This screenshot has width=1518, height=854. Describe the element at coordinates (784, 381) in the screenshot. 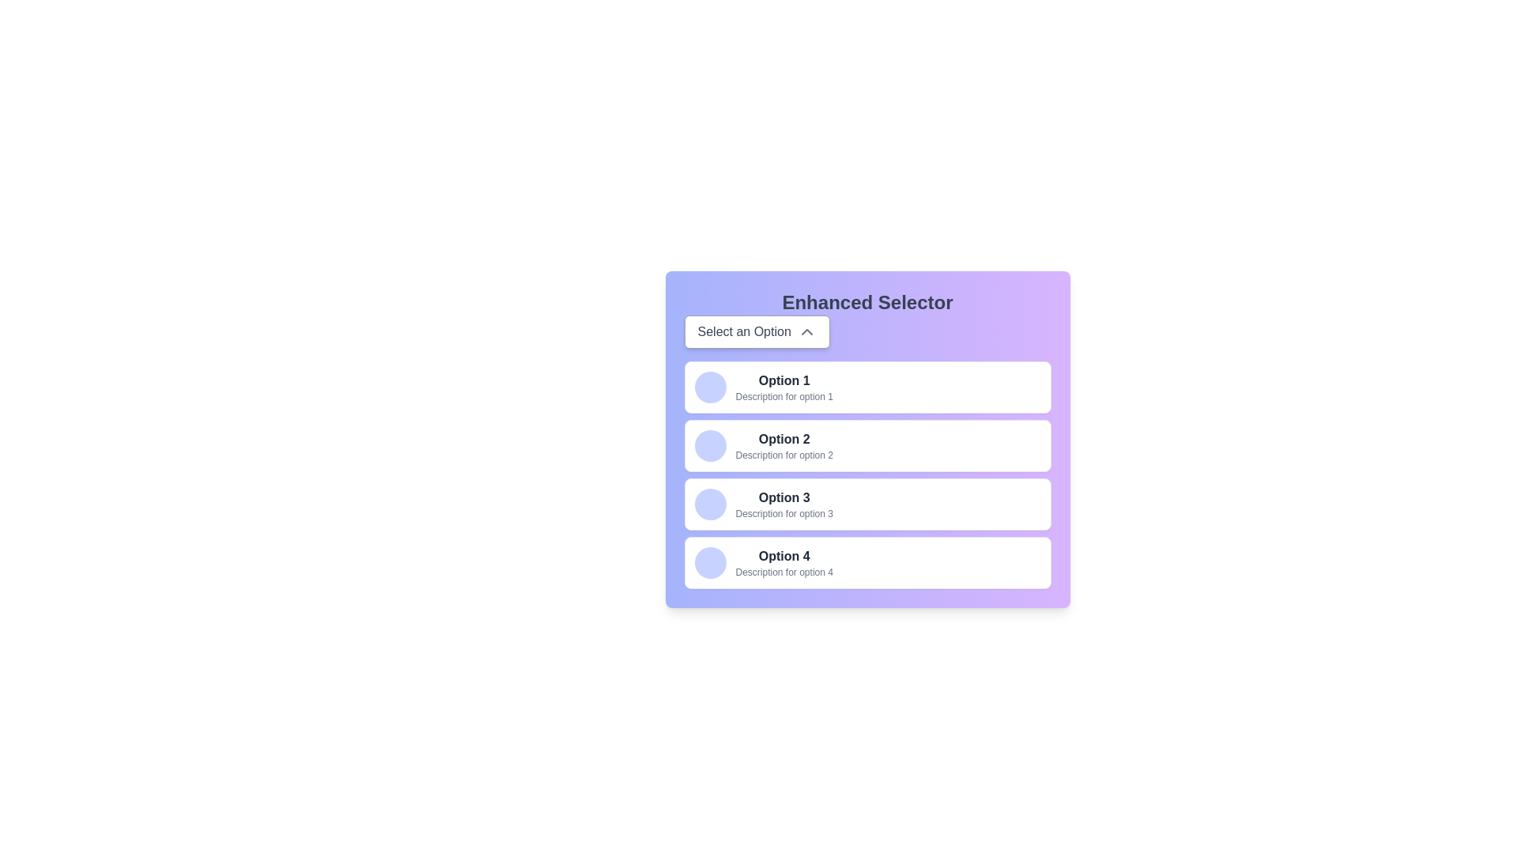

I see `the static text label that serves as the title for the first option's card, positioned in the top-left portion of the interface, above the description text` at that location.